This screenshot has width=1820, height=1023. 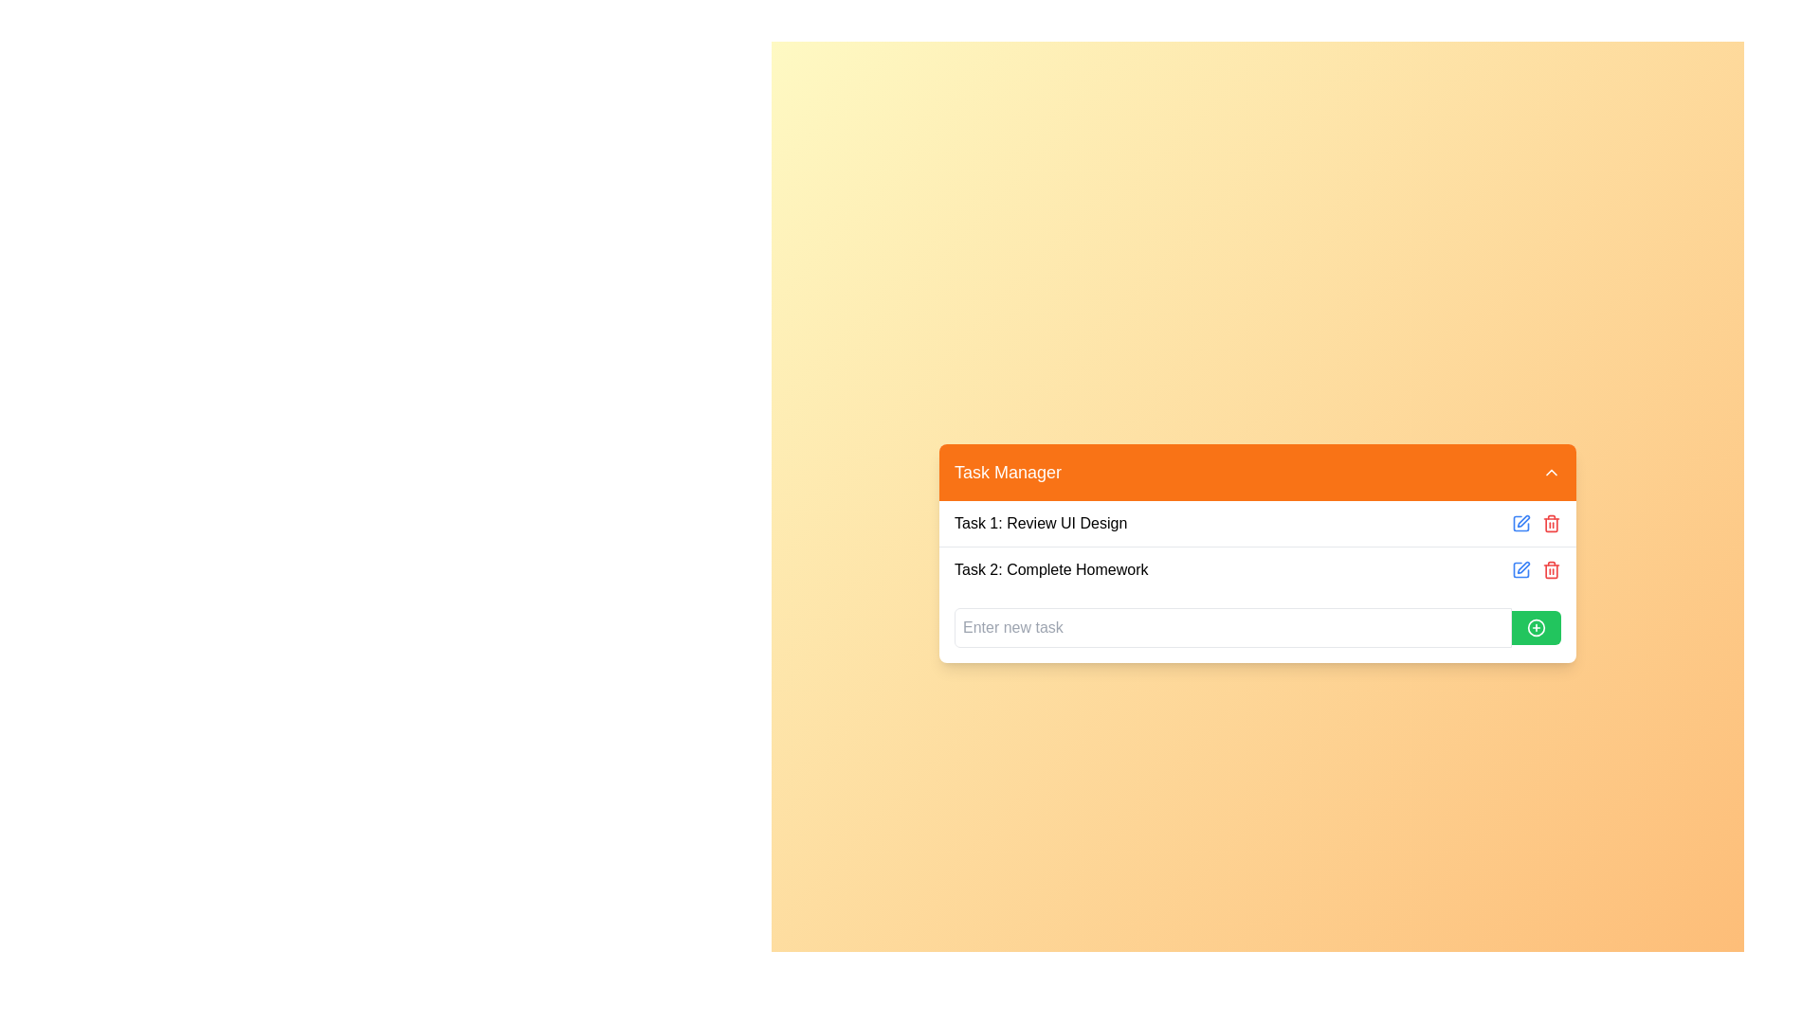 I want to click on the icon button located on the far right side of the orange header bar labeled 'Task Manager', so click(x=1551, y=471).